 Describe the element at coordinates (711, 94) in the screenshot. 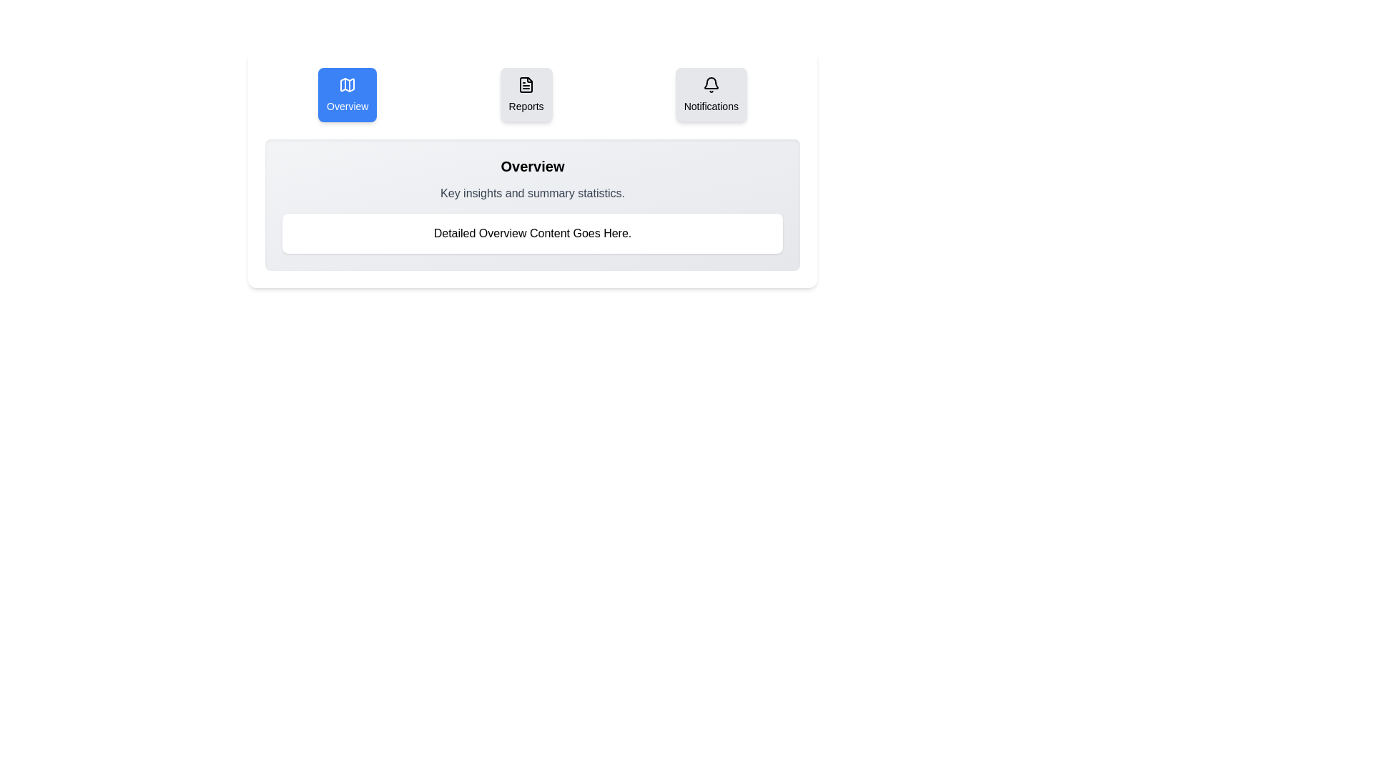

I see `the tab button labeled Notifications` at that location.